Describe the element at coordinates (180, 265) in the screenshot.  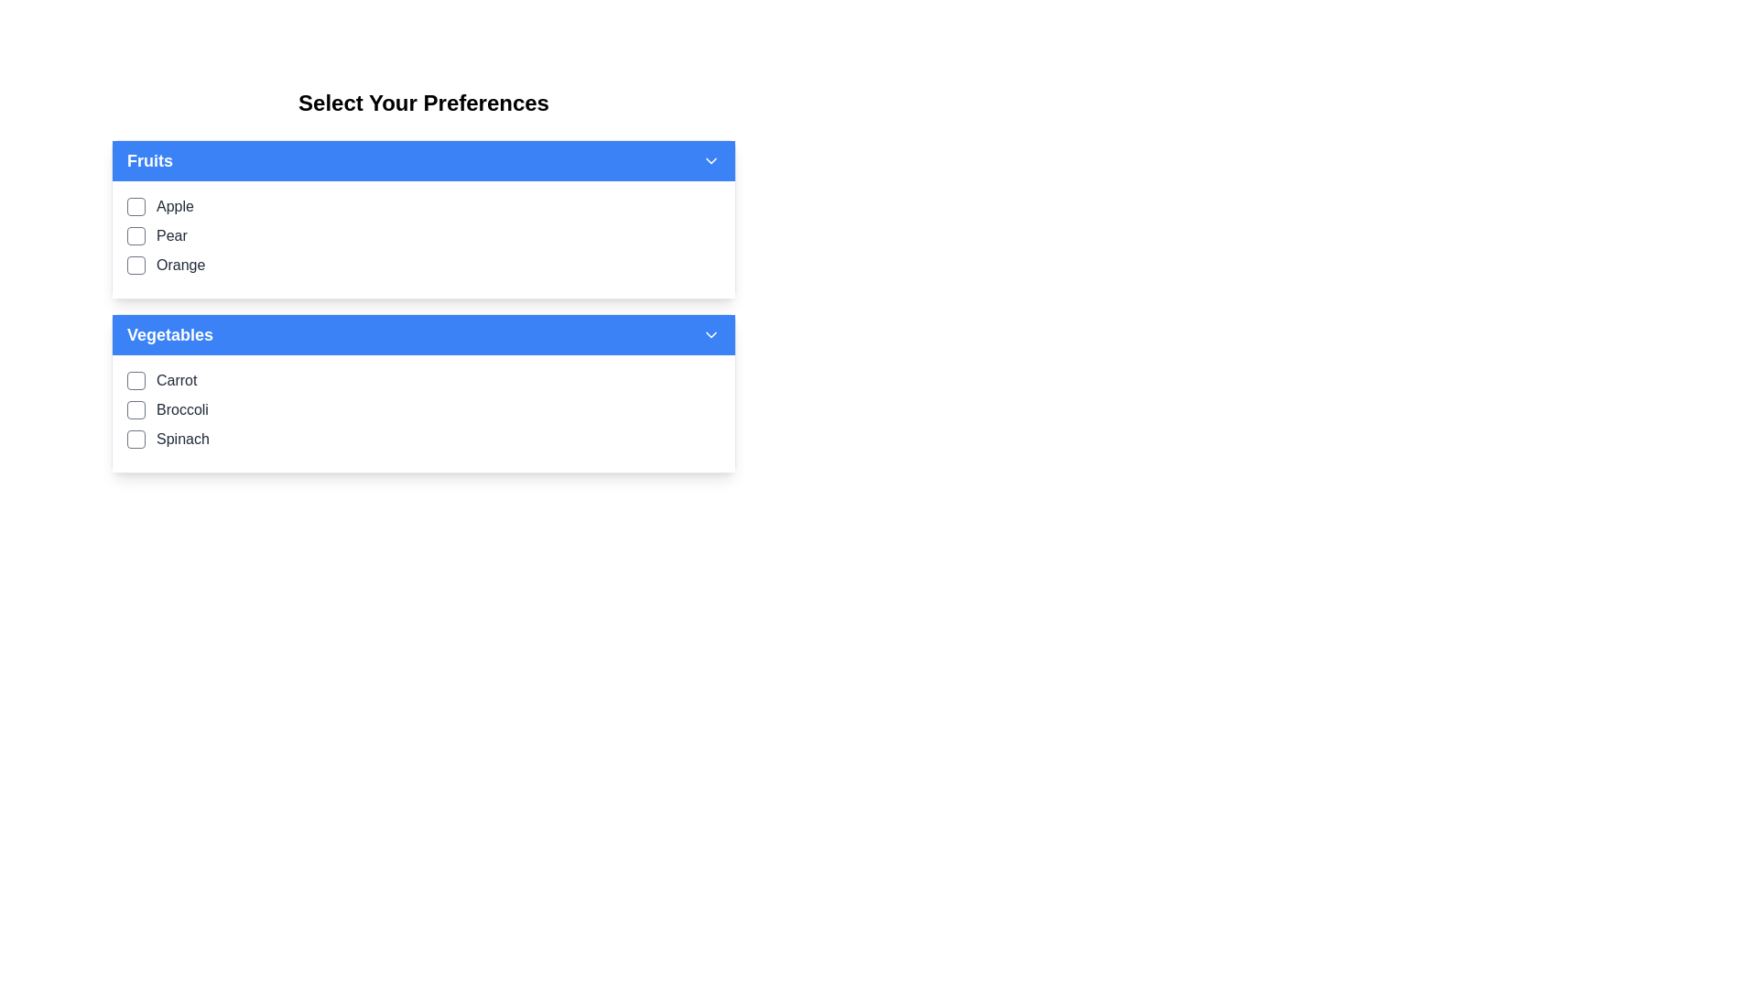
I see `the text label reading 'Orange' which is styled in gray and positioned under the 'Fruits' category, next to a checkbox` at that location.